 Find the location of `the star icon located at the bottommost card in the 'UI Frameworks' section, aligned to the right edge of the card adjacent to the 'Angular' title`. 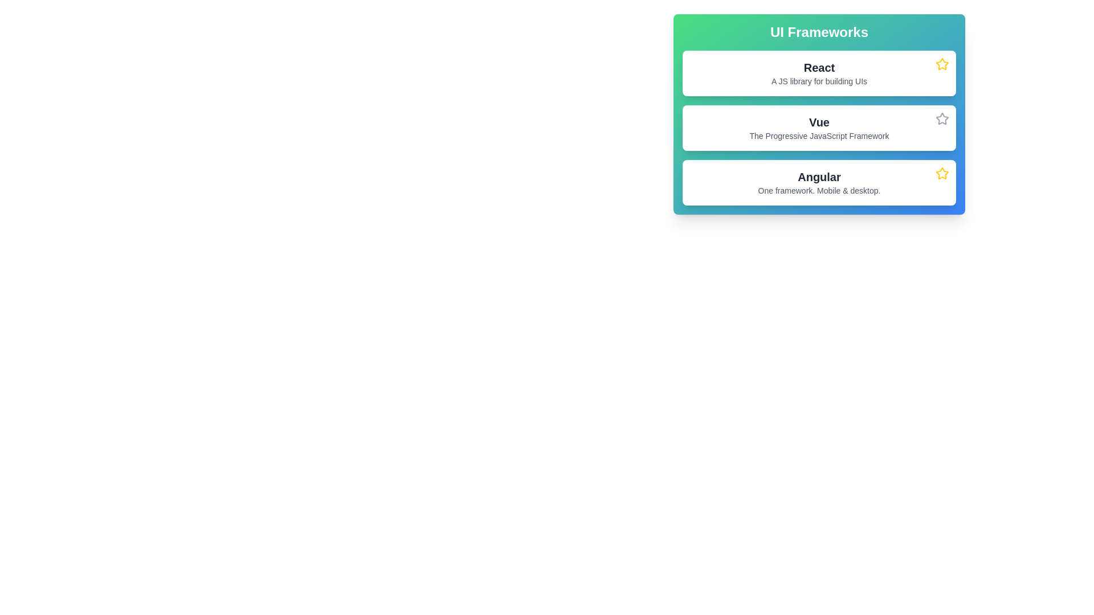

the star icon located at the bottommost card in the 'UI Frameworks' section, aligned to the right edge of the card adjacent to the 'Angular' title is located at coordinates (941, 173).